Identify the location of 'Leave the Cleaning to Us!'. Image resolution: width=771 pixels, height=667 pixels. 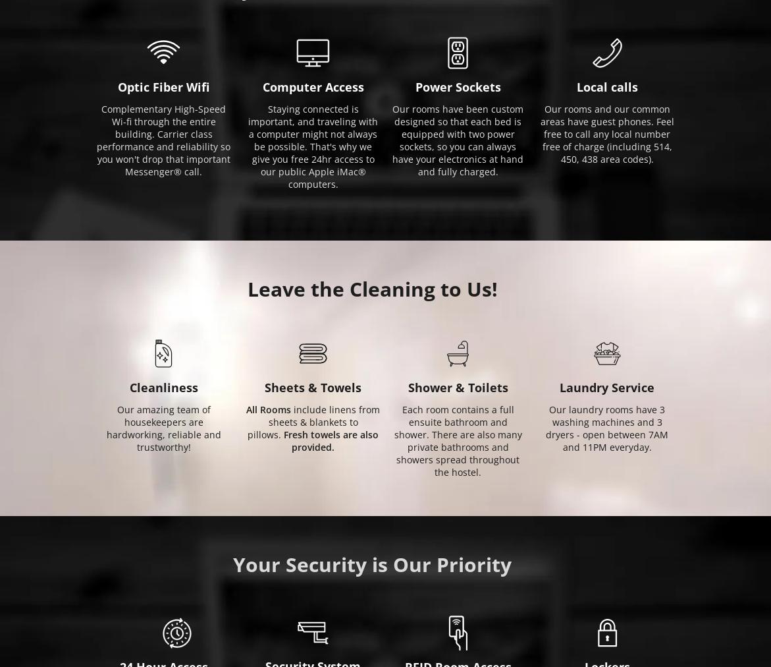
(246, 289).